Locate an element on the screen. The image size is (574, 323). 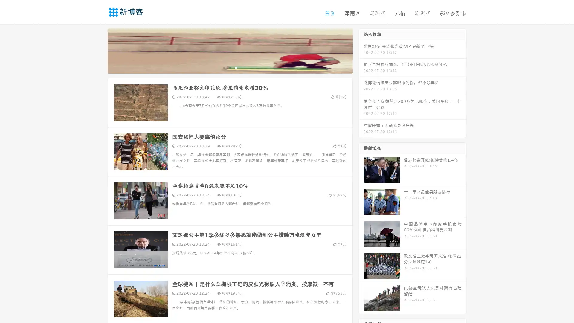
Go to slide 3 is located at coordinates (236, 67).